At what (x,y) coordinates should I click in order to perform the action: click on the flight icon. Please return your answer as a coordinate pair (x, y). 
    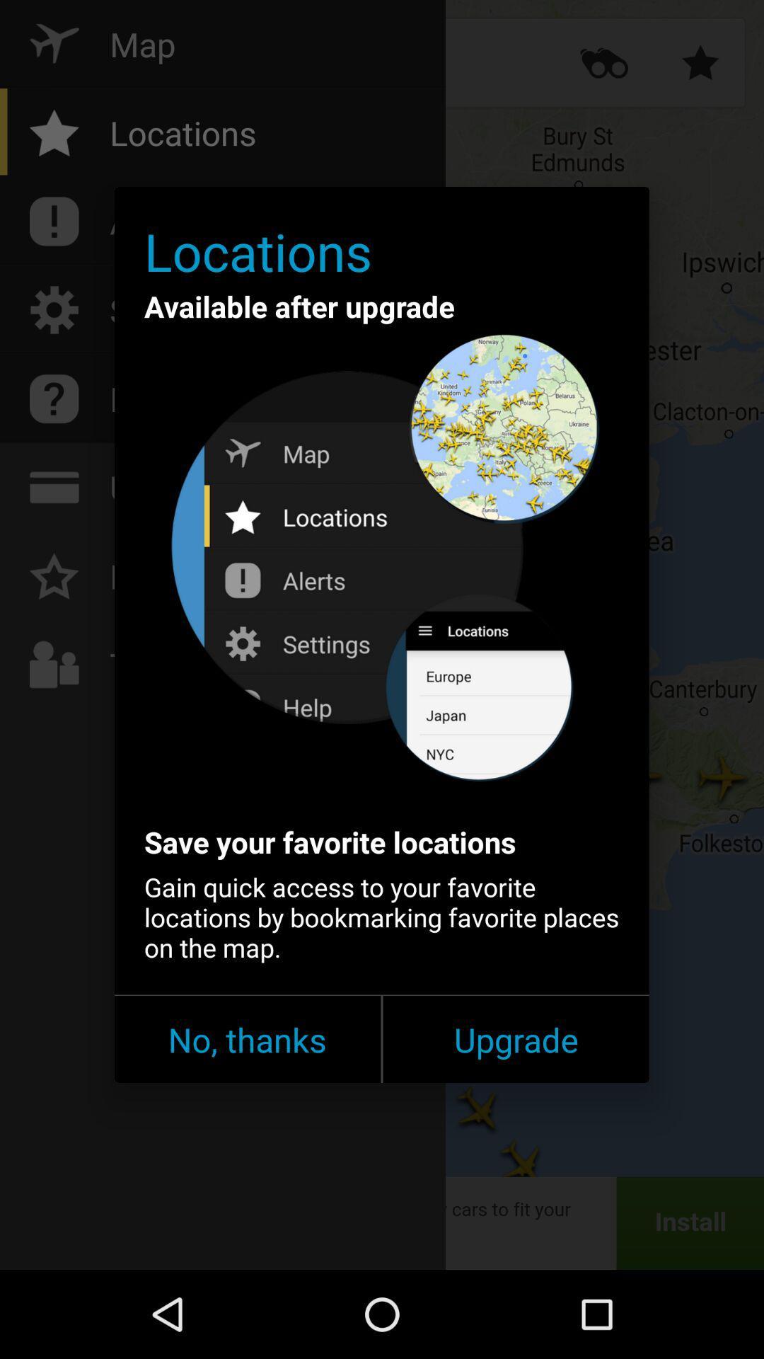
    Looking at the image, I should click on (64, 62).